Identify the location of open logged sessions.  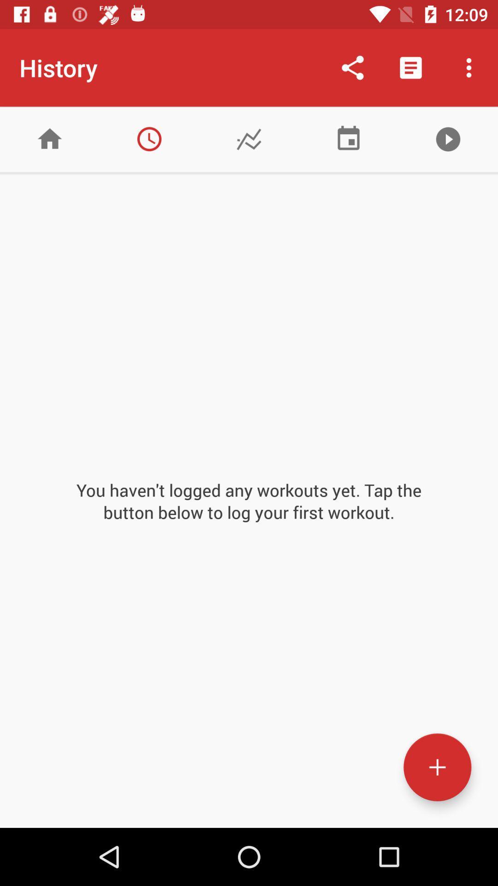
(149, 138).